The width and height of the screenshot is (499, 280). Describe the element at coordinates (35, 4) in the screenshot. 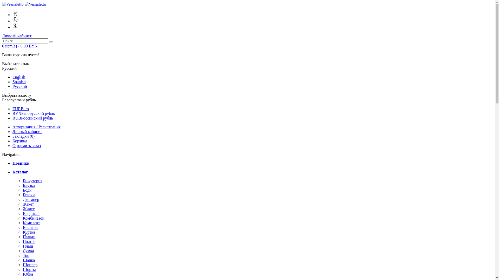

I see `'Vesnaletto'` at that location.